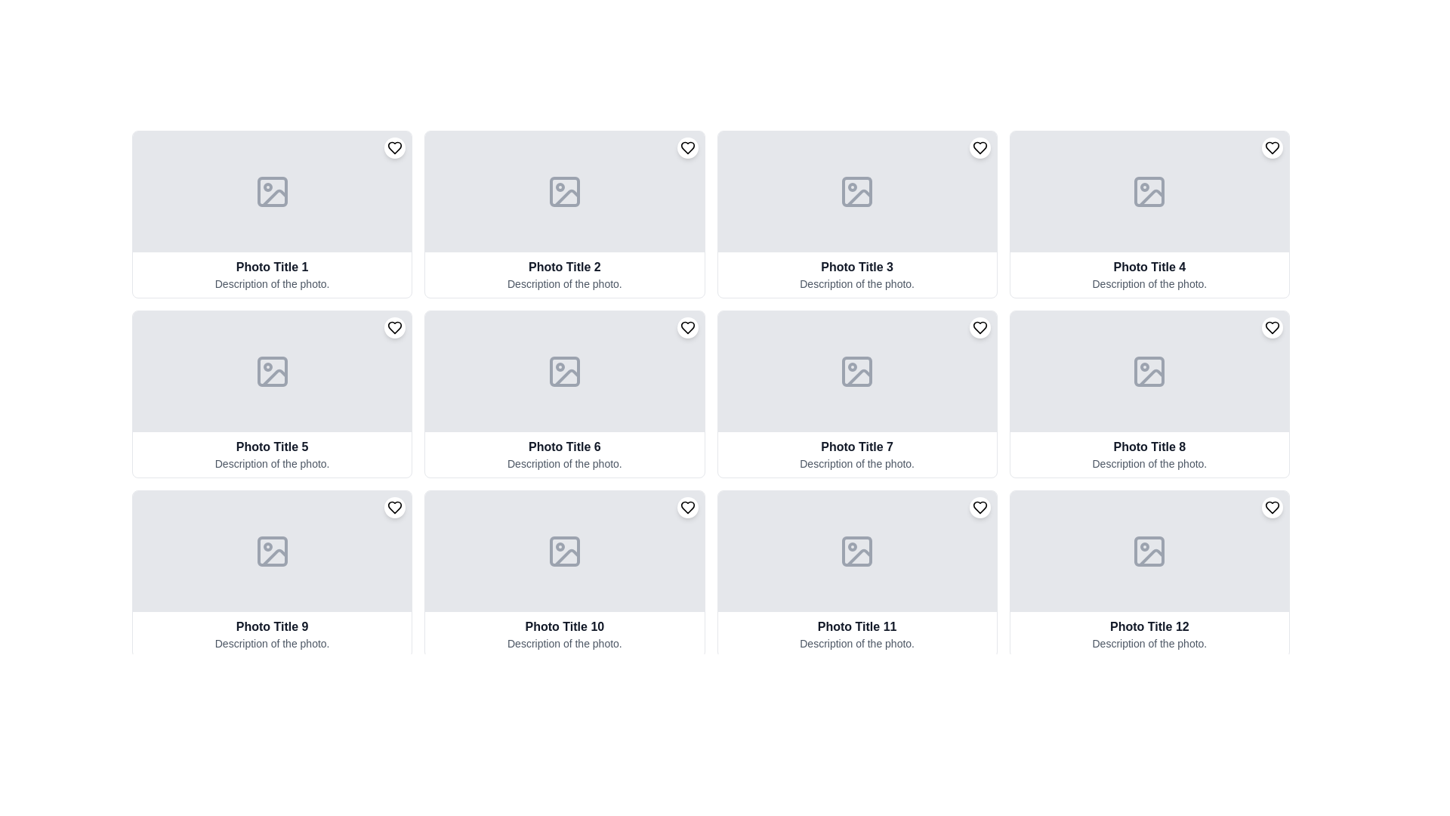  What do you see at coordinates (1149, 215) in the screenshot?
I see `the card element with a gray background that features a photo camera icon, titled 'Photo Title 4', located in the first row and fourth column of a 4-column grid layout` at bounding box center [1149, 215].